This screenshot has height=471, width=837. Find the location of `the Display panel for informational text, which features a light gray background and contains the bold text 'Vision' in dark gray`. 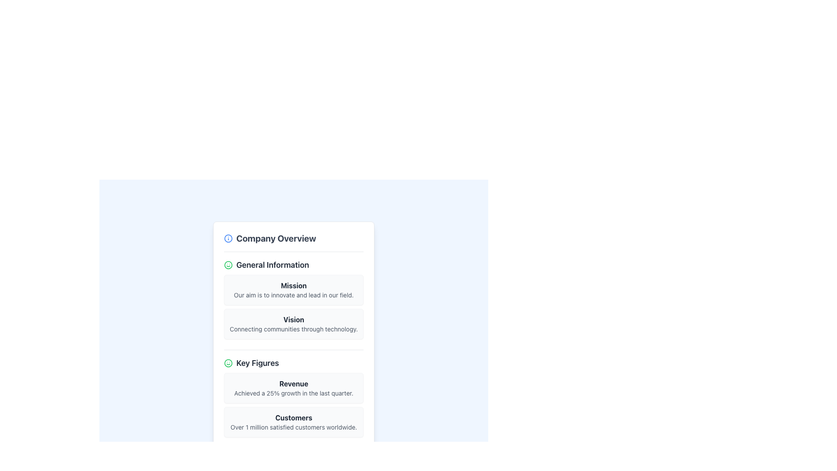

the Display panel for informational text, which features a light gray background and contains the bold text 'Vision' in dark gray is located at coordinates (293, 324).